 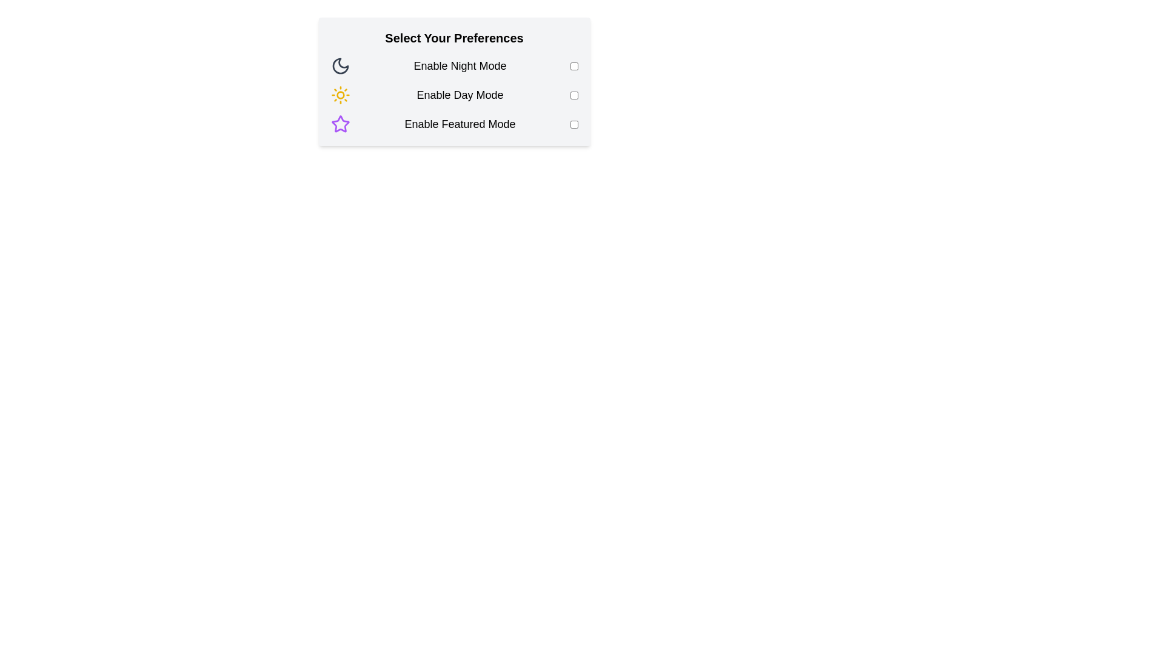 I want to click on the core of the sun illustration, which is the circular element at the center of the second icon in a vertical list of three, so click(x=339, y=95).